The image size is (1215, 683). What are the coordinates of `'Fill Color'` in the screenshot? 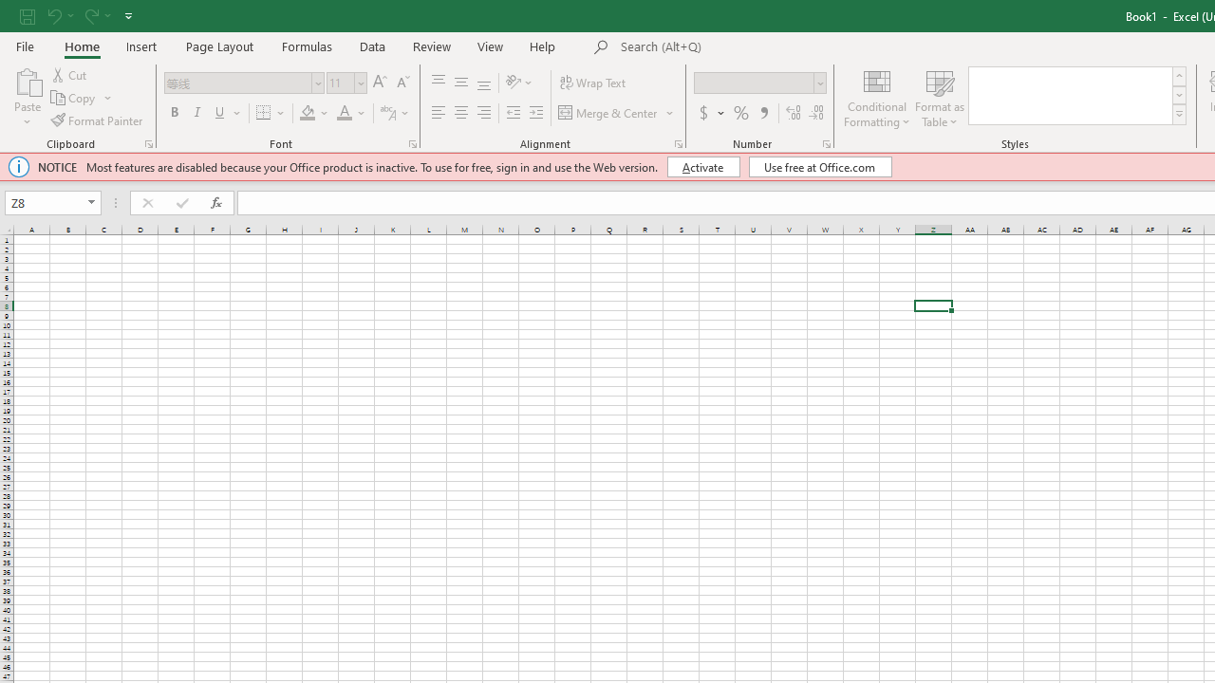 It's located at (314, 113).